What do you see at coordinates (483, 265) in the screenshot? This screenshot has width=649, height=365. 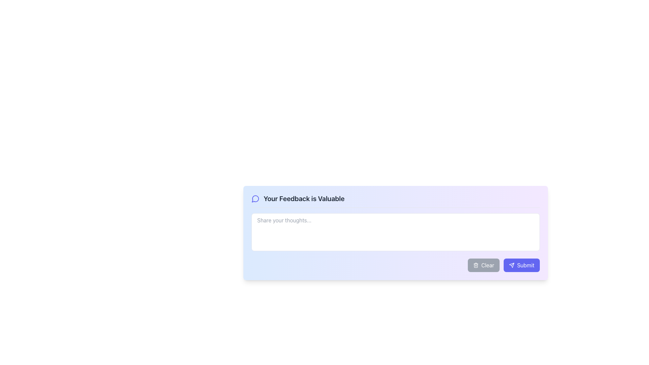 I see `the clear/reset button located in the bottom-right section of the interface, adjacent to the purple 'Submit' button, to change its background color` at bounding box center [483, 265].